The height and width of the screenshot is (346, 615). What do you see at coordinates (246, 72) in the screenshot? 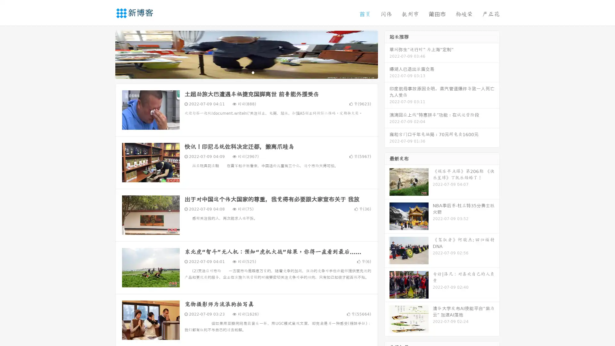
I see `Go to slide 2` at bounding box center [246, 72].